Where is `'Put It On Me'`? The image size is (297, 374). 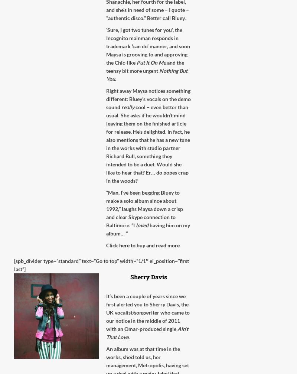
'Put It On Me' is located at coordinates (151, 62).